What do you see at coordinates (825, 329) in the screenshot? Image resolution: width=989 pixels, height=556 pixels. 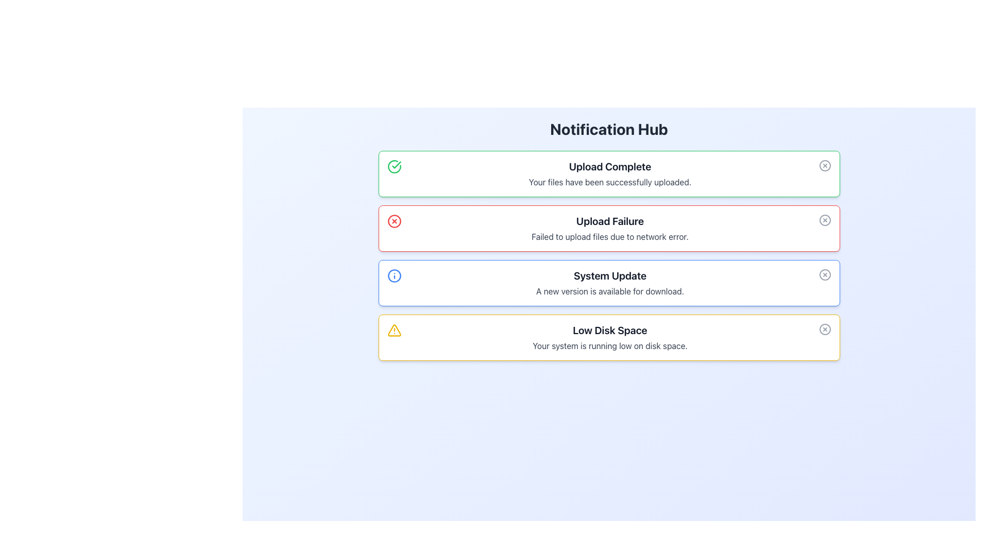 I see `the SVG Circle that serves as a decorative part of the 'X' icon for dismissing the associated notification, located at the center of the icon on the far right of the 'Low Disk Space' notification card` at bounding box center [825, 329].